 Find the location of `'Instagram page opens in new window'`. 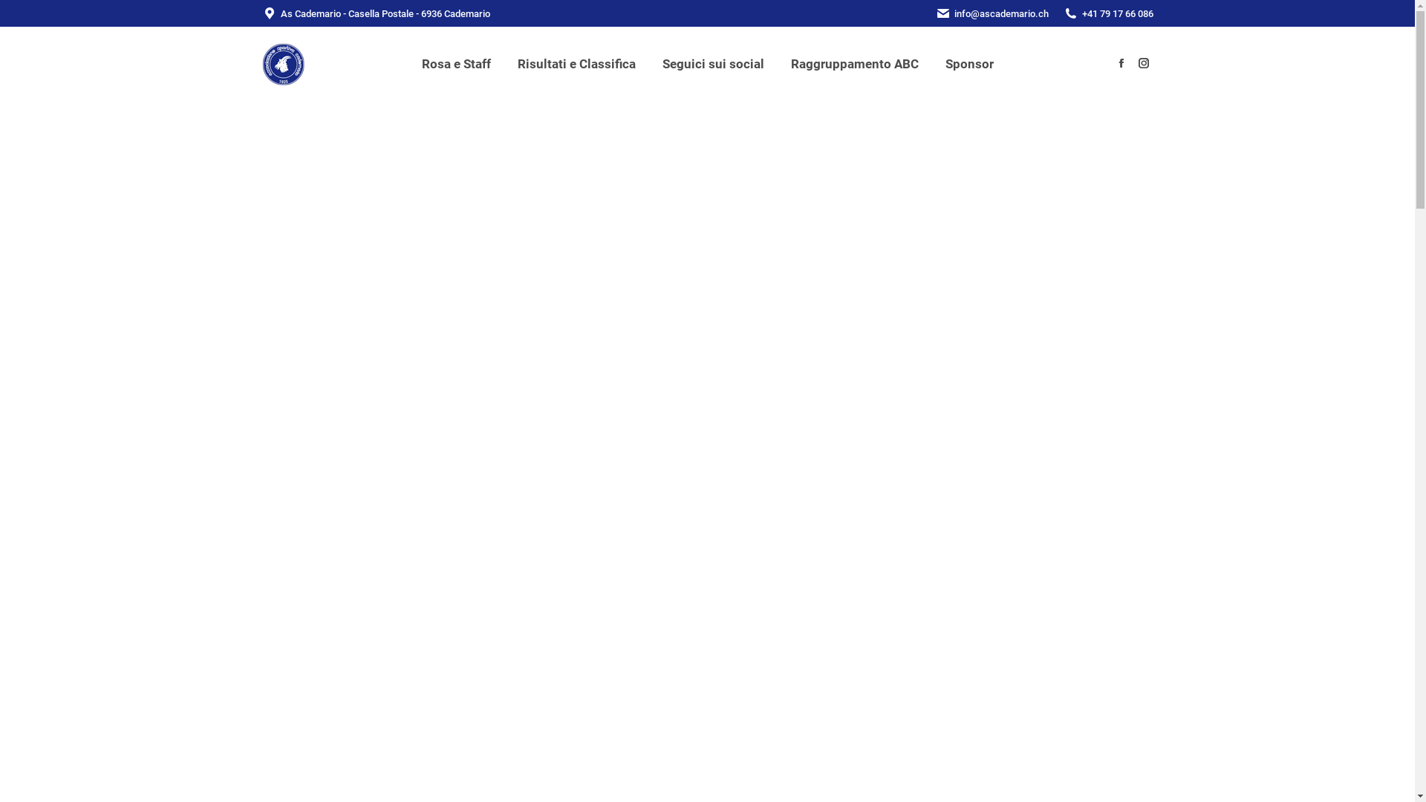

'Instagram page opens in new window' is located at coordinates (1142, 62).